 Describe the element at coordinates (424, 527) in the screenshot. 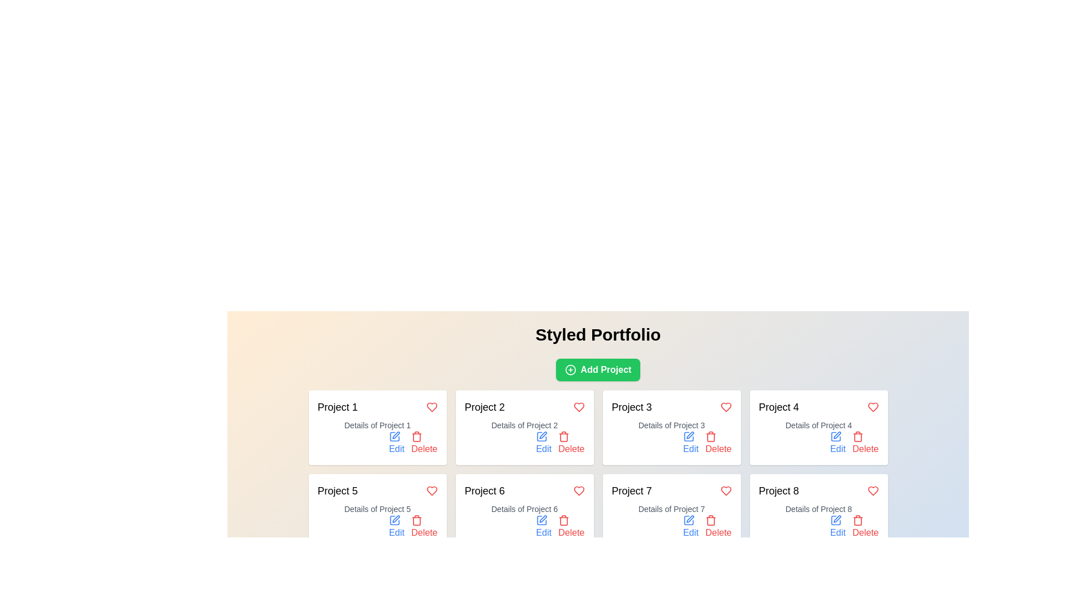

I see `the 'Delete' button with a trash can icon, which is the second button in the button group at the bottom right of Project 5's card, to observe the hover effects` at that location.